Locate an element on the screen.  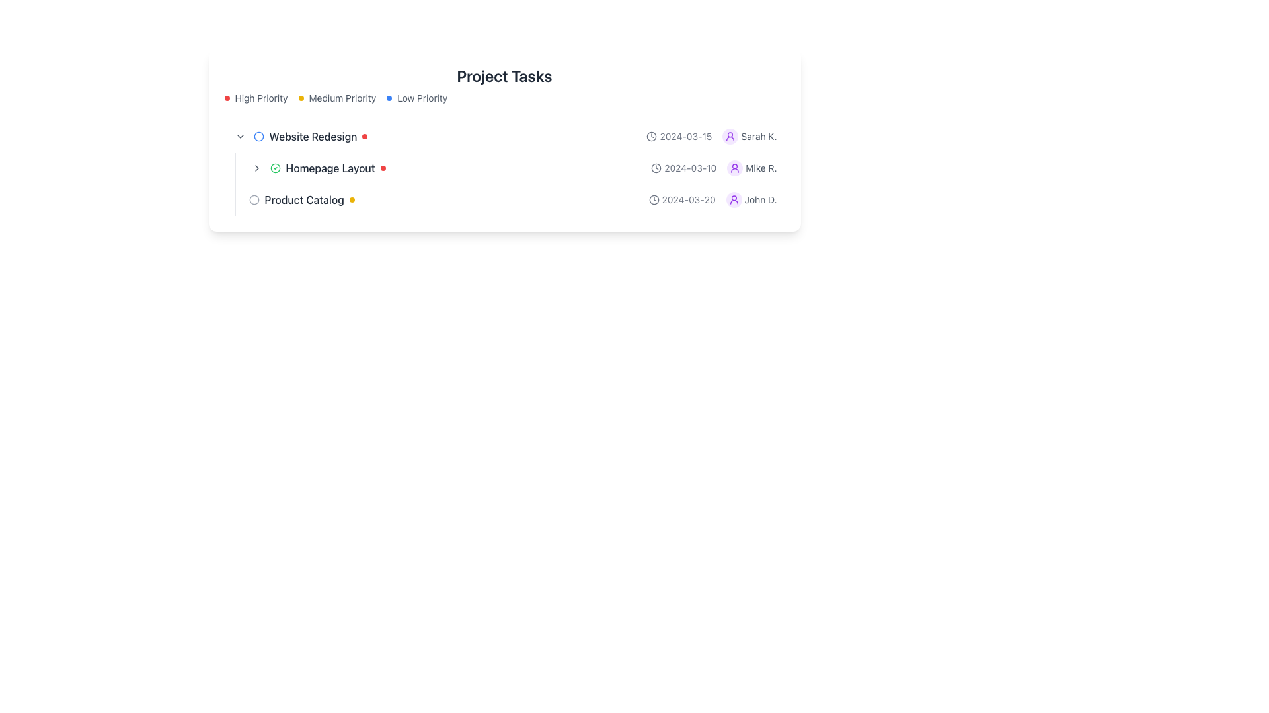
the user avatar icon, which is a small circular icon with a purple color scheme and an outline of a person is located at coordinates (733, 200).